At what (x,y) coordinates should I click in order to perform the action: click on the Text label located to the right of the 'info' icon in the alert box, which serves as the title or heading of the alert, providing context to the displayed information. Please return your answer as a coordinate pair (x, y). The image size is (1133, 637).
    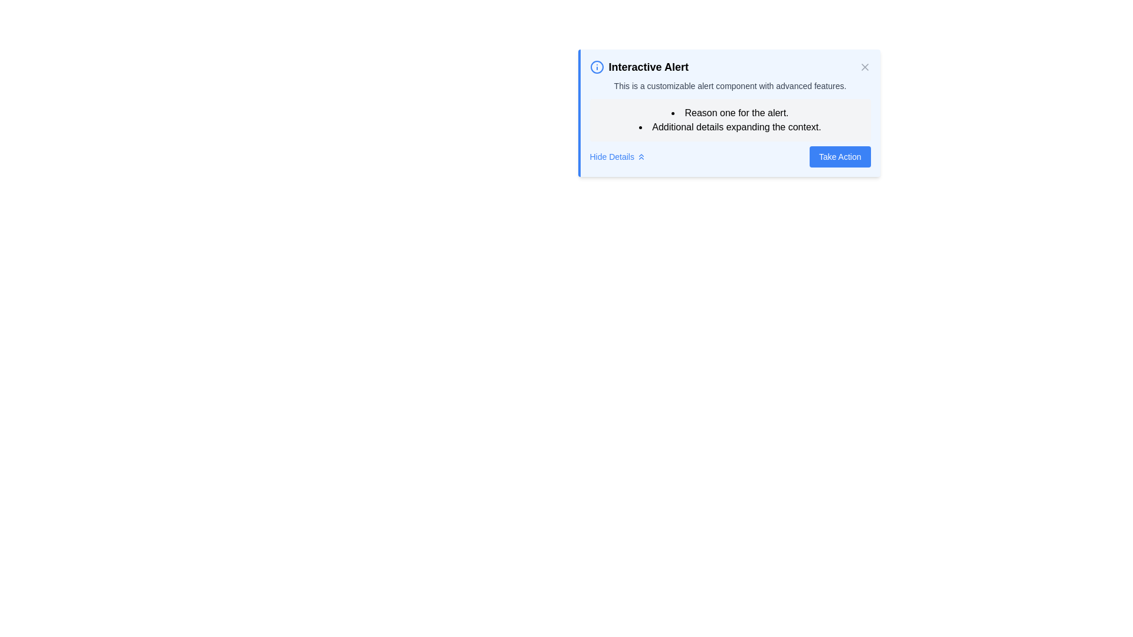
    Looking at the image, I should click on (648, 67).